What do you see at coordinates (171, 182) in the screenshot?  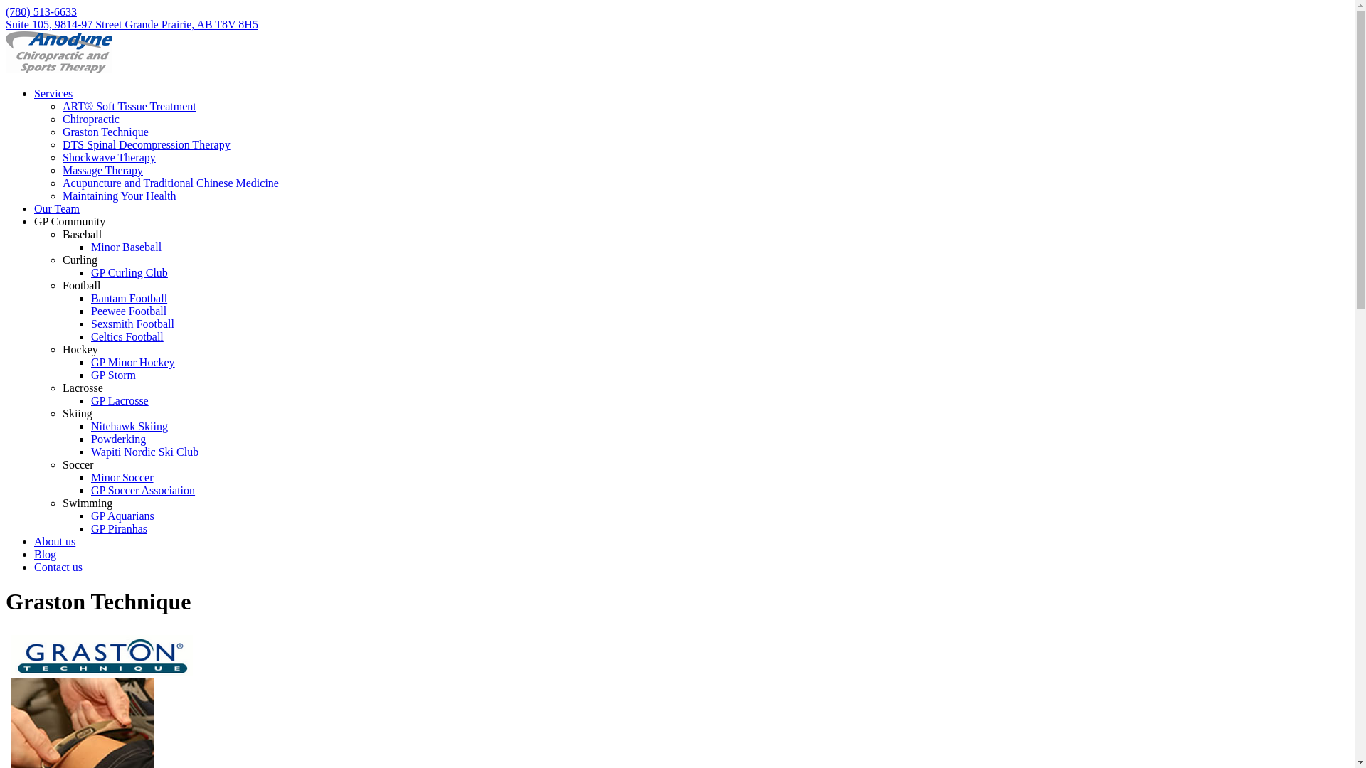 I see `'Acupuncture and Traditional Chinese Medicine'` at bounding box center [171, 182].